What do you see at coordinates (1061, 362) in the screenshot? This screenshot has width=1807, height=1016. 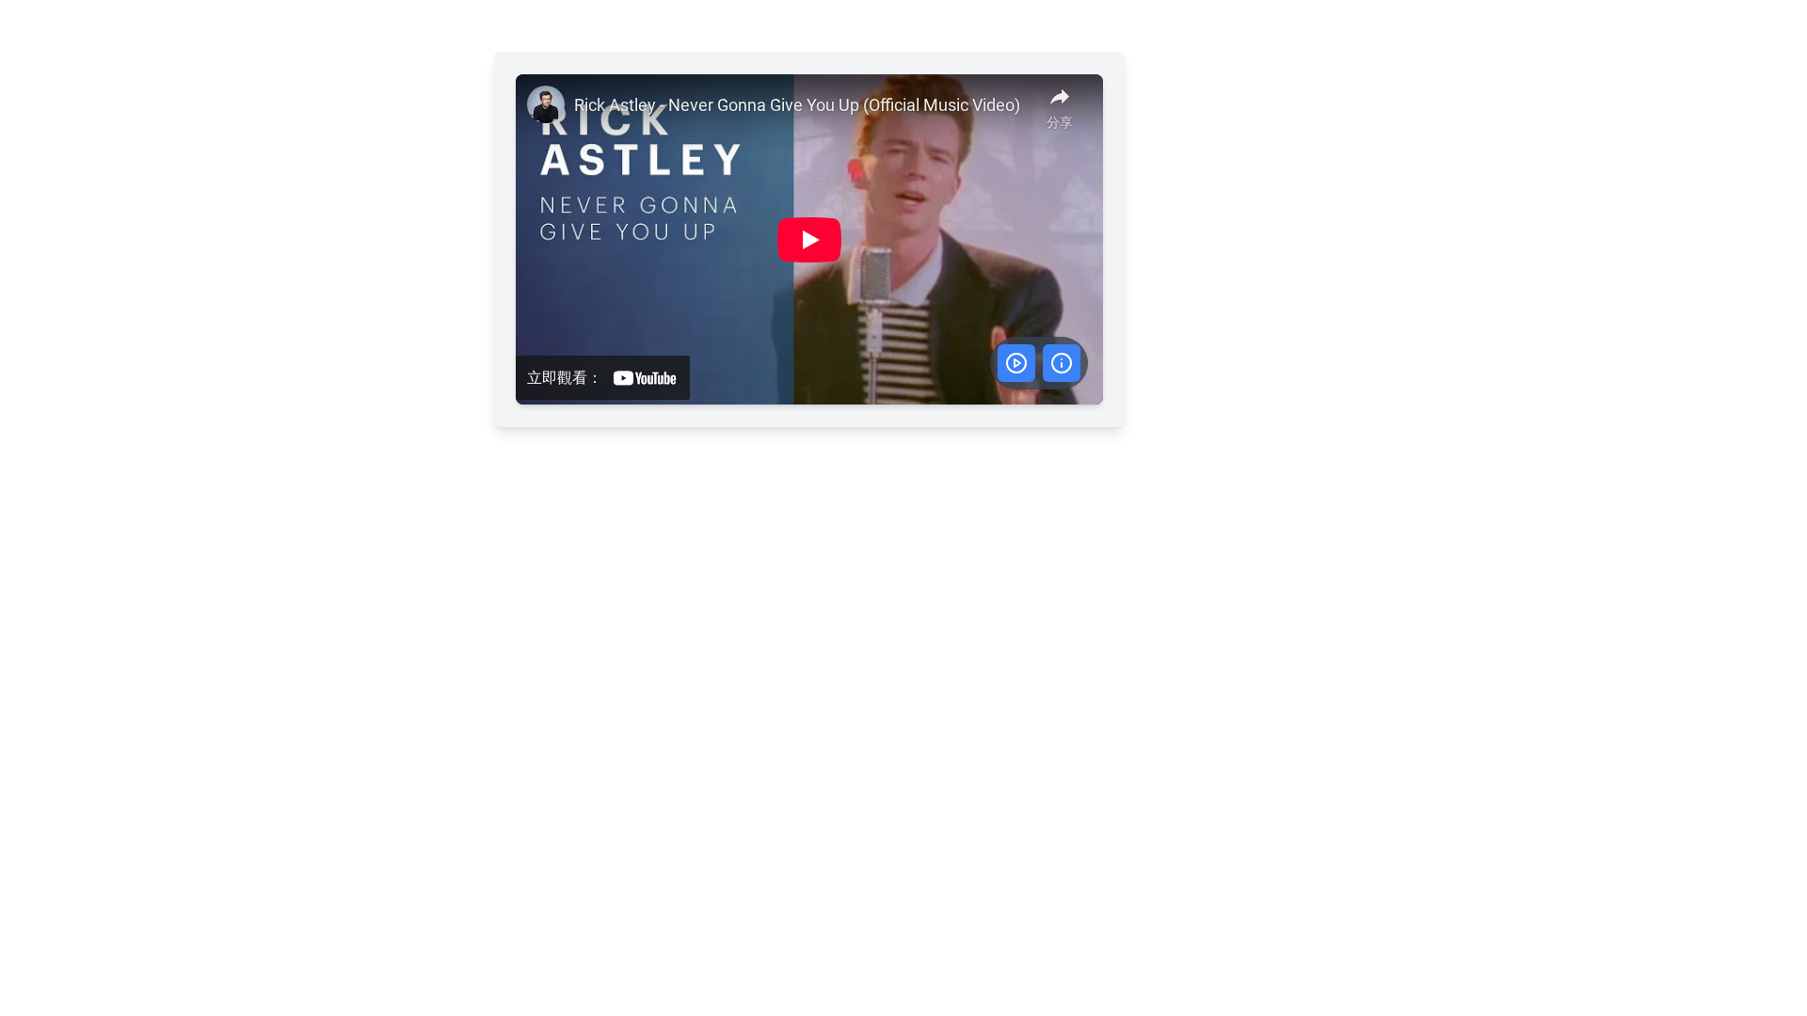 I see `the SVG Circle Element with a blue border and lighter background color located in the bottom-right section of the layout` at bounding box center [1061, 362].